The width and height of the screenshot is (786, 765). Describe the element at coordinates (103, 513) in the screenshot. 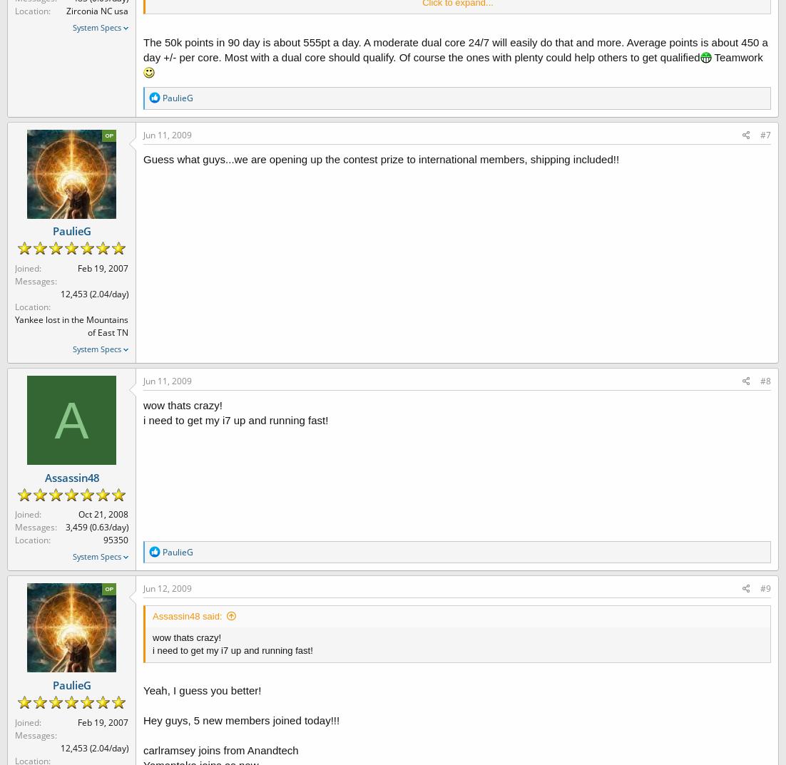

I see `'Oct 21, 2008'` at that location.